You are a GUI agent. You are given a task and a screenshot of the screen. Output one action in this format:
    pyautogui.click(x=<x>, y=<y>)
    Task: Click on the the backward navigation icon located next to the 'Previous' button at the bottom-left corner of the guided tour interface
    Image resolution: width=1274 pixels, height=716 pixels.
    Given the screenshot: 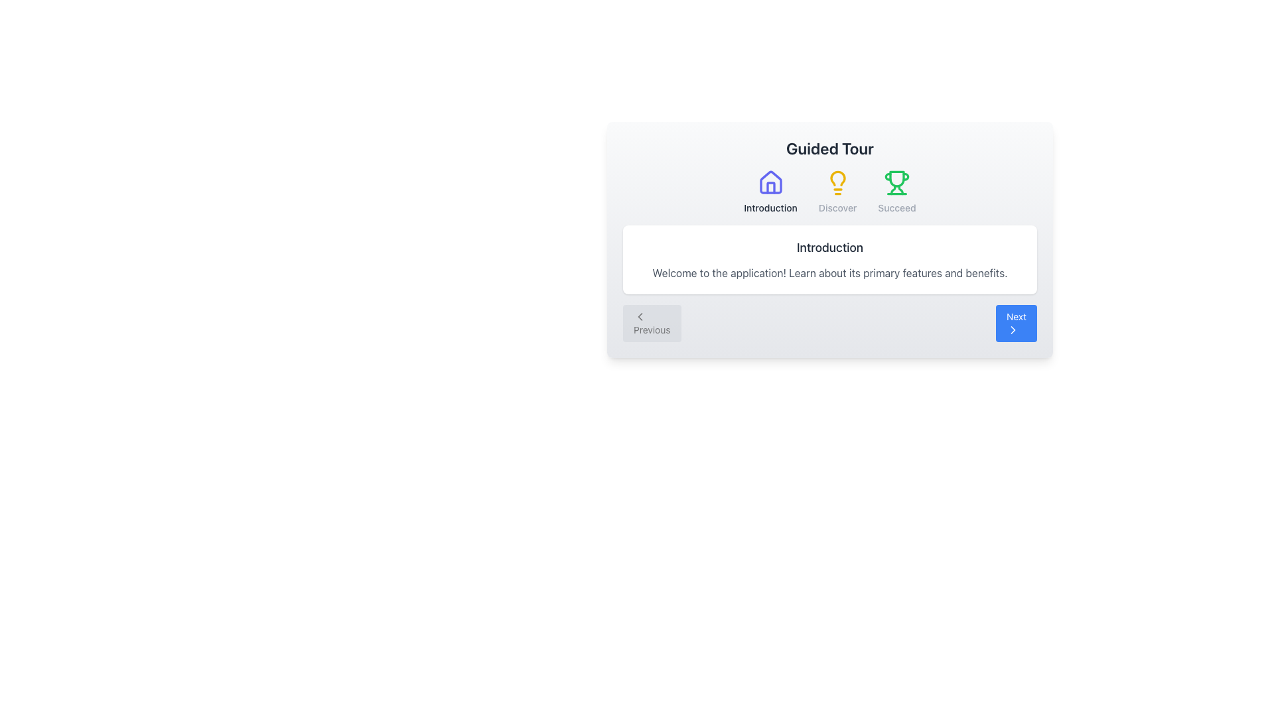 What is the action you would take?
    pyautogui.click(x=640, y=317)
    